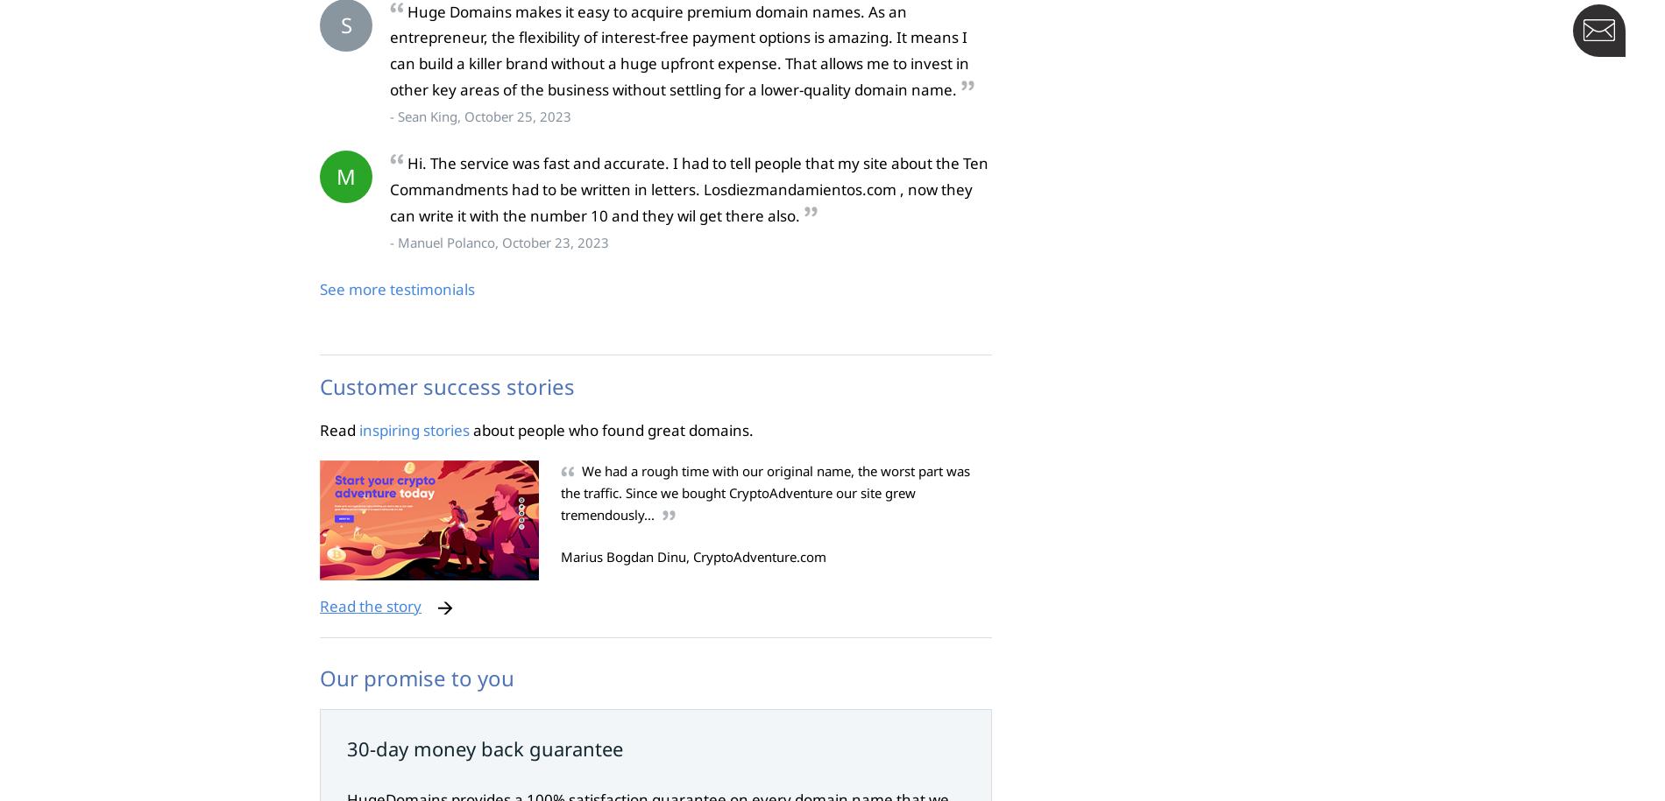 The width and height of the screenshot is (1665, 801). Describe the element at coordinates (692, 557) in the screenshot. I see `'Marius Bogdan Dinu, CryptoAdventure.com'` at that location.